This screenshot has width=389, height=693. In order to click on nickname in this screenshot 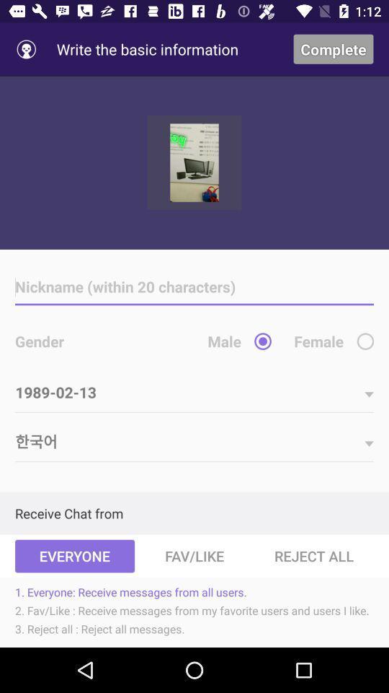, I will do `click(194, 287)`.